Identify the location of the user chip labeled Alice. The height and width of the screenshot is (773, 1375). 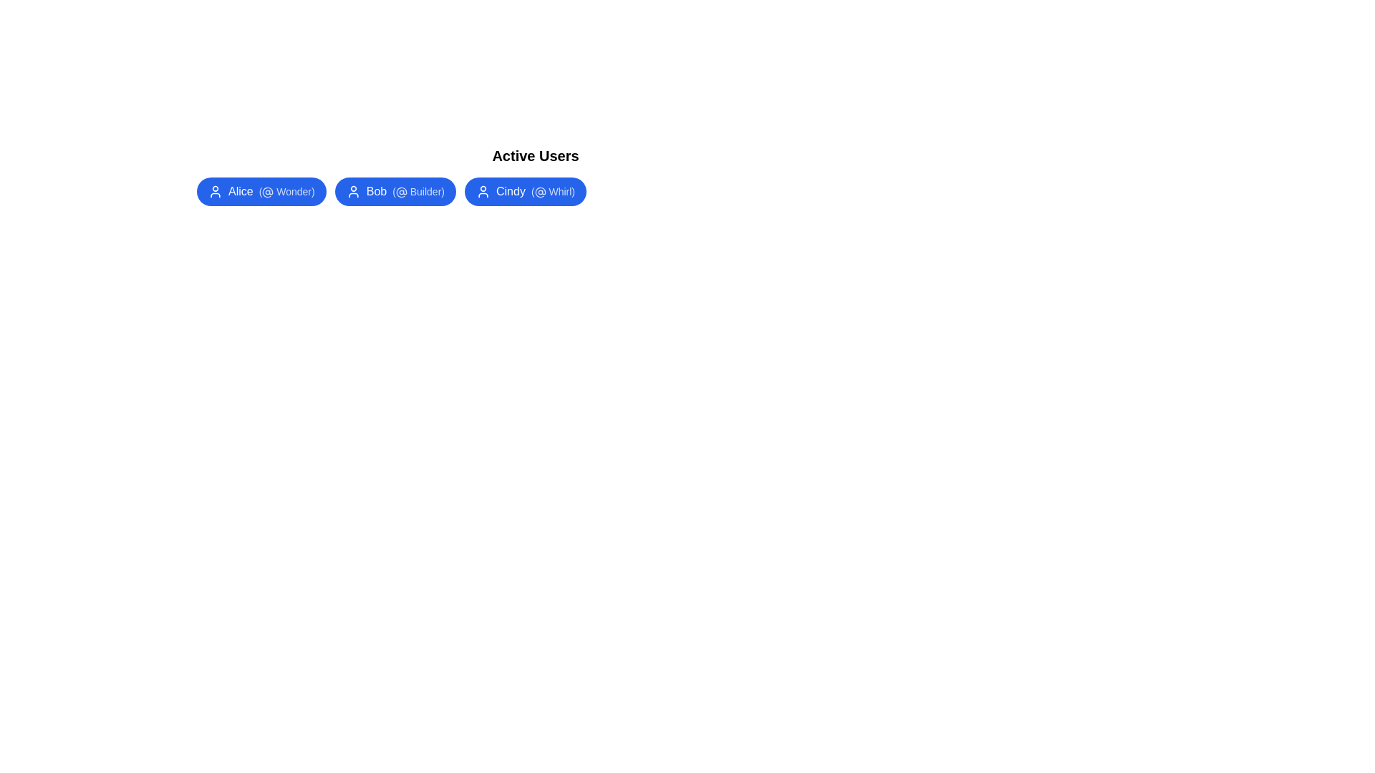
(261, 190).